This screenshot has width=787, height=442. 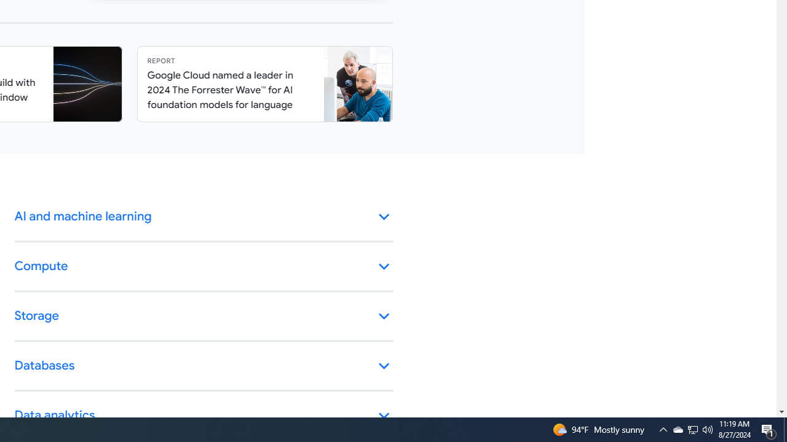 I want to click on 'AI and machine learning keyboard_arrow_down', so click(x=204, y=217).